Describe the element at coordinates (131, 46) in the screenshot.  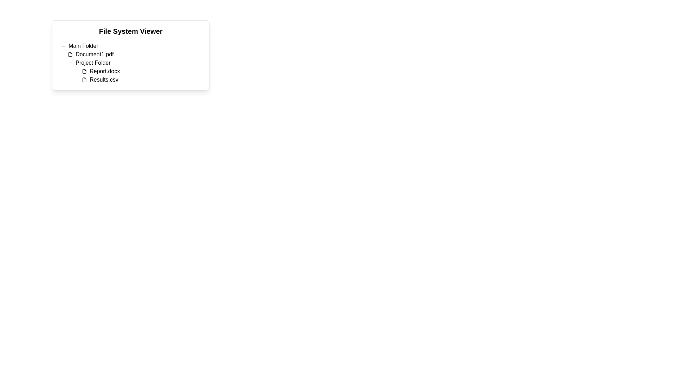
I see `the toggleable folder item in the hierarchical file viewer` at that location.